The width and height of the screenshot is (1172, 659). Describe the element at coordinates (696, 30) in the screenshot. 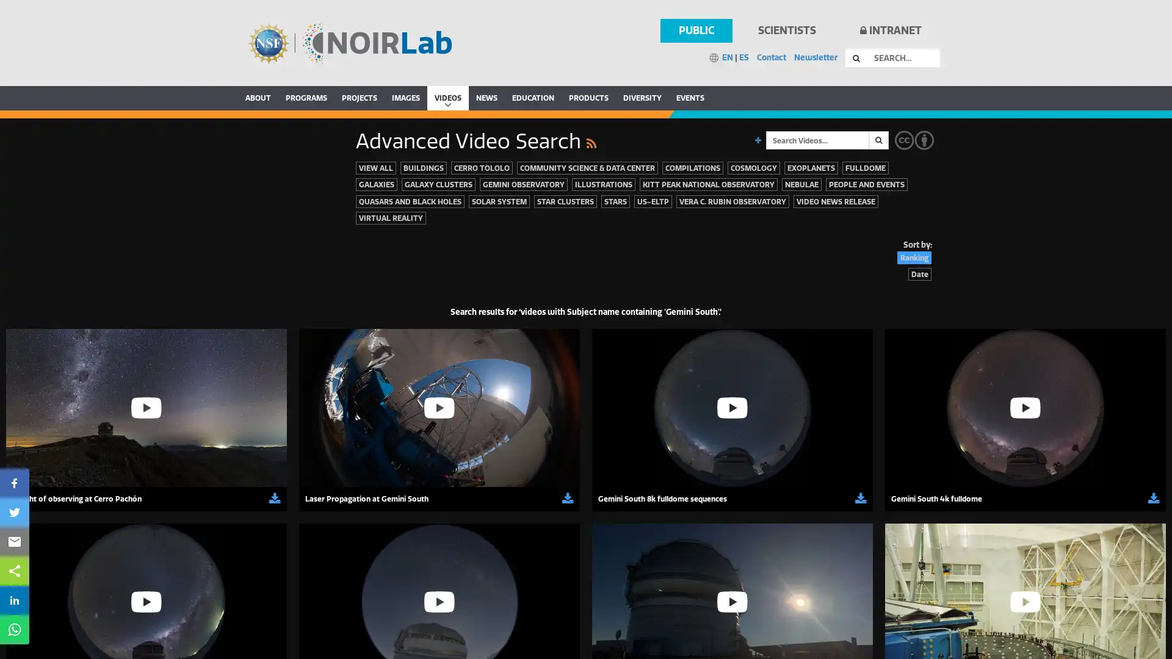

I see `PUBLIC` at that location.